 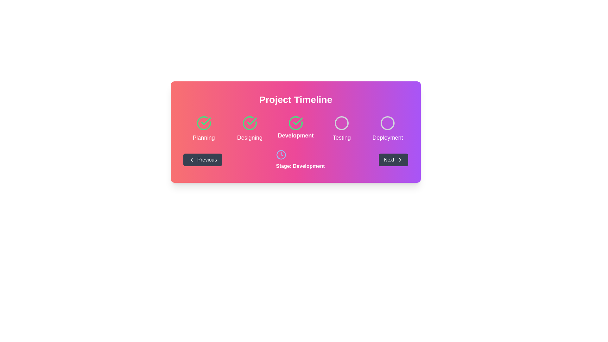 I want to click on the graphical UI indicator (circle) that represents the 'Deployment' stage in the project timeline, so click(x=387, y=123).